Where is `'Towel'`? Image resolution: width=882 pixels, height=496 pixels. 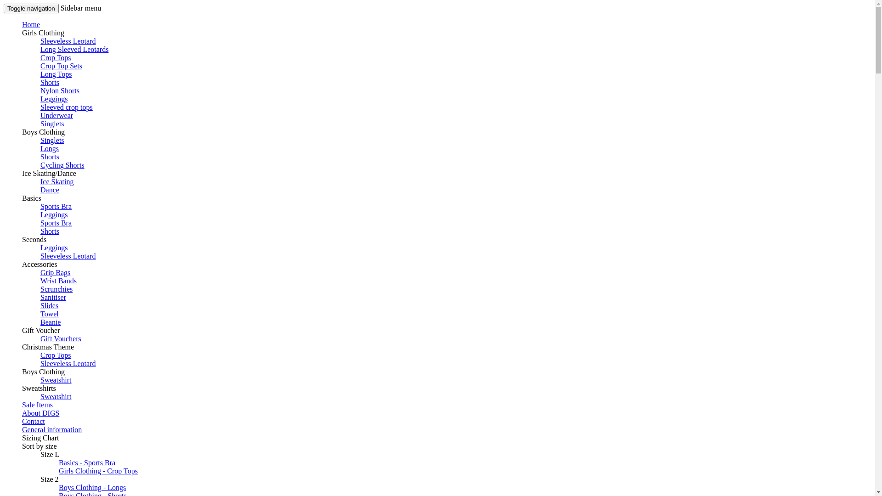 'Towel' is located at coordinates (40, 313).